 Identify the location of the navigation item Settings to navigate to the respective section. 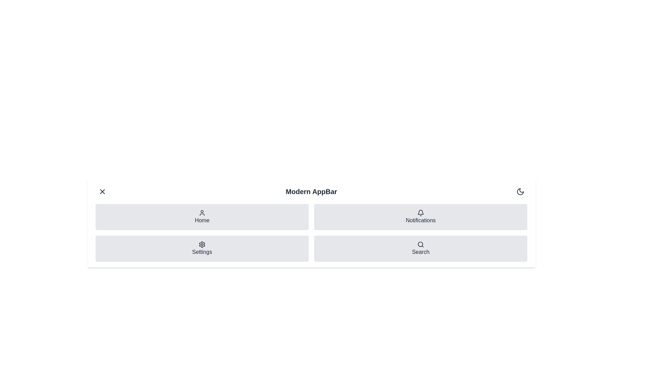
(202, 249).